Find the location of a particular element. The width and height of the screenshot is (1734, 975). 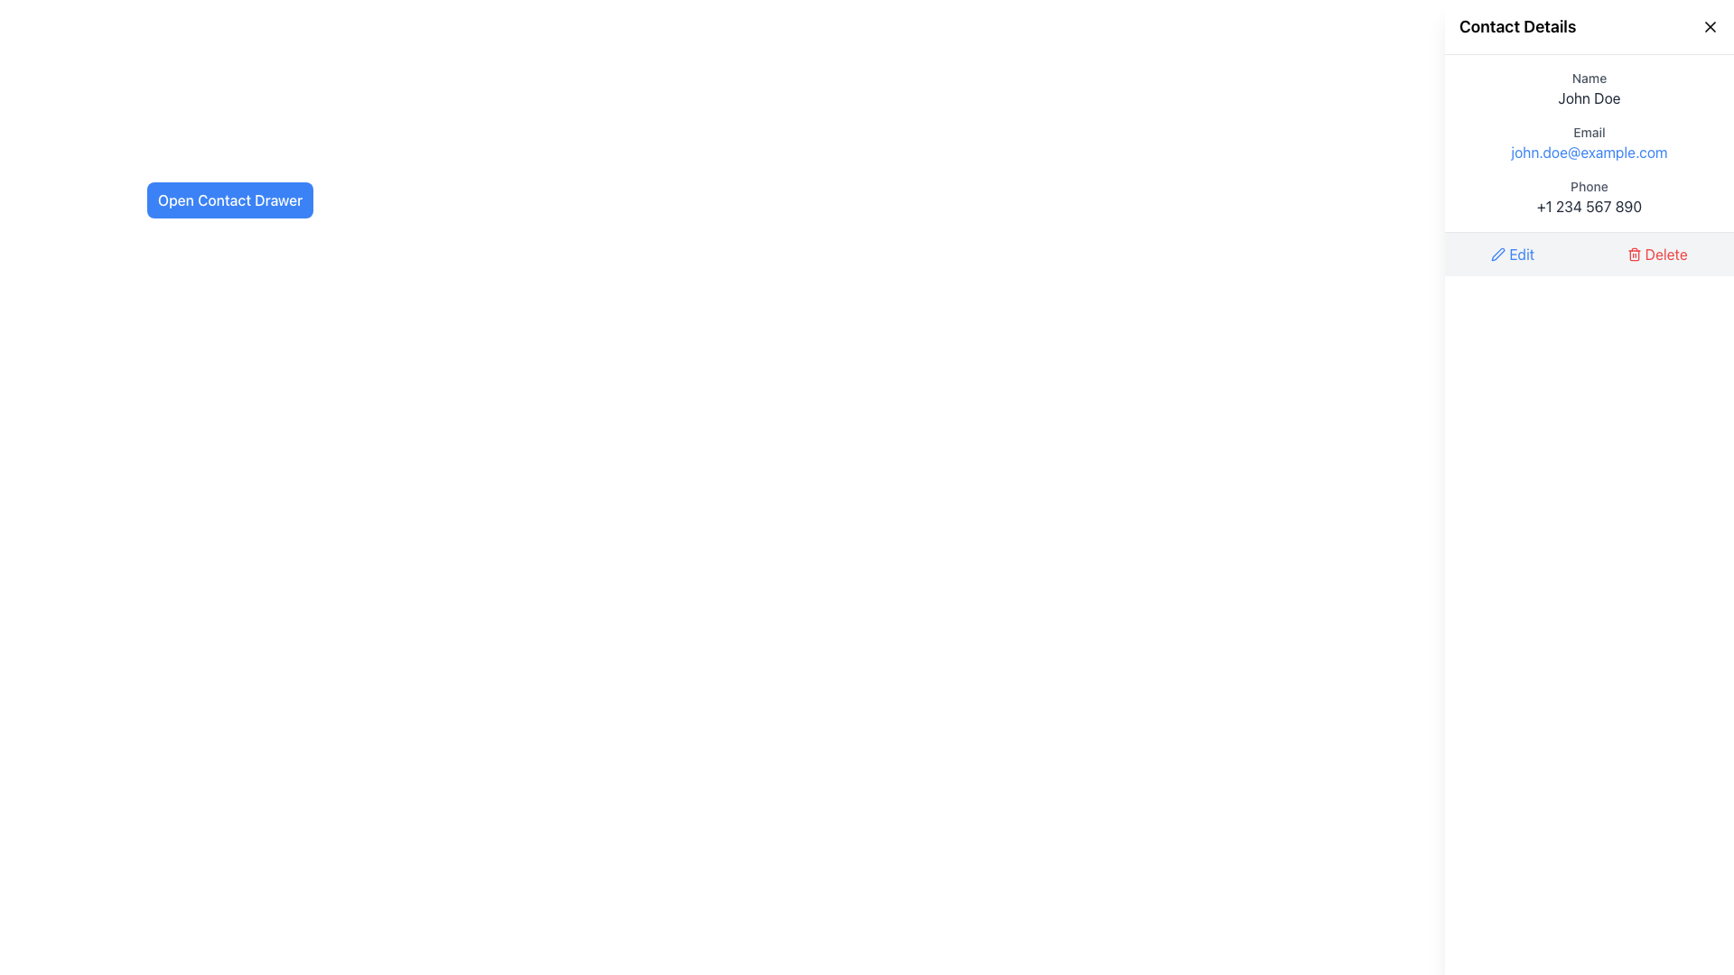

the pen-shaped icon located to the left of the 'Edit' label in the 'Contact Details' section is located at coordinates (1498, 254).